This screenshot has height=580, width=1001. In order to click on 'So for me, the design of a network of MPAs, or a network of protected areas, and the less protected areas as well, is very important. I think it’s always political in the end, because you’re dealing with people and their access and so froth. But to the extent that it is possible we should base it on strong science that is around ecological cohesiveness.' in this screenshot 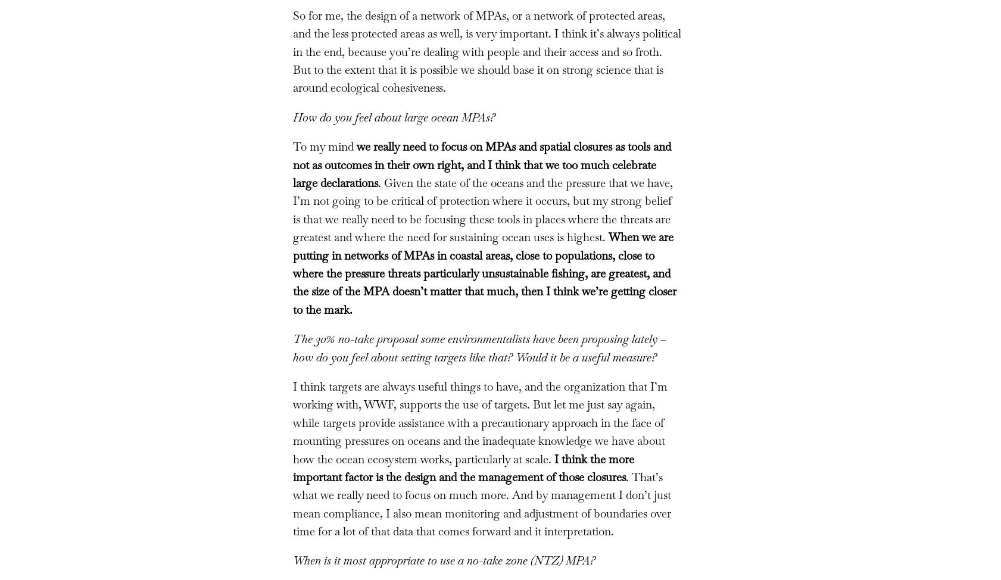, I will do `click(486, 51)`.